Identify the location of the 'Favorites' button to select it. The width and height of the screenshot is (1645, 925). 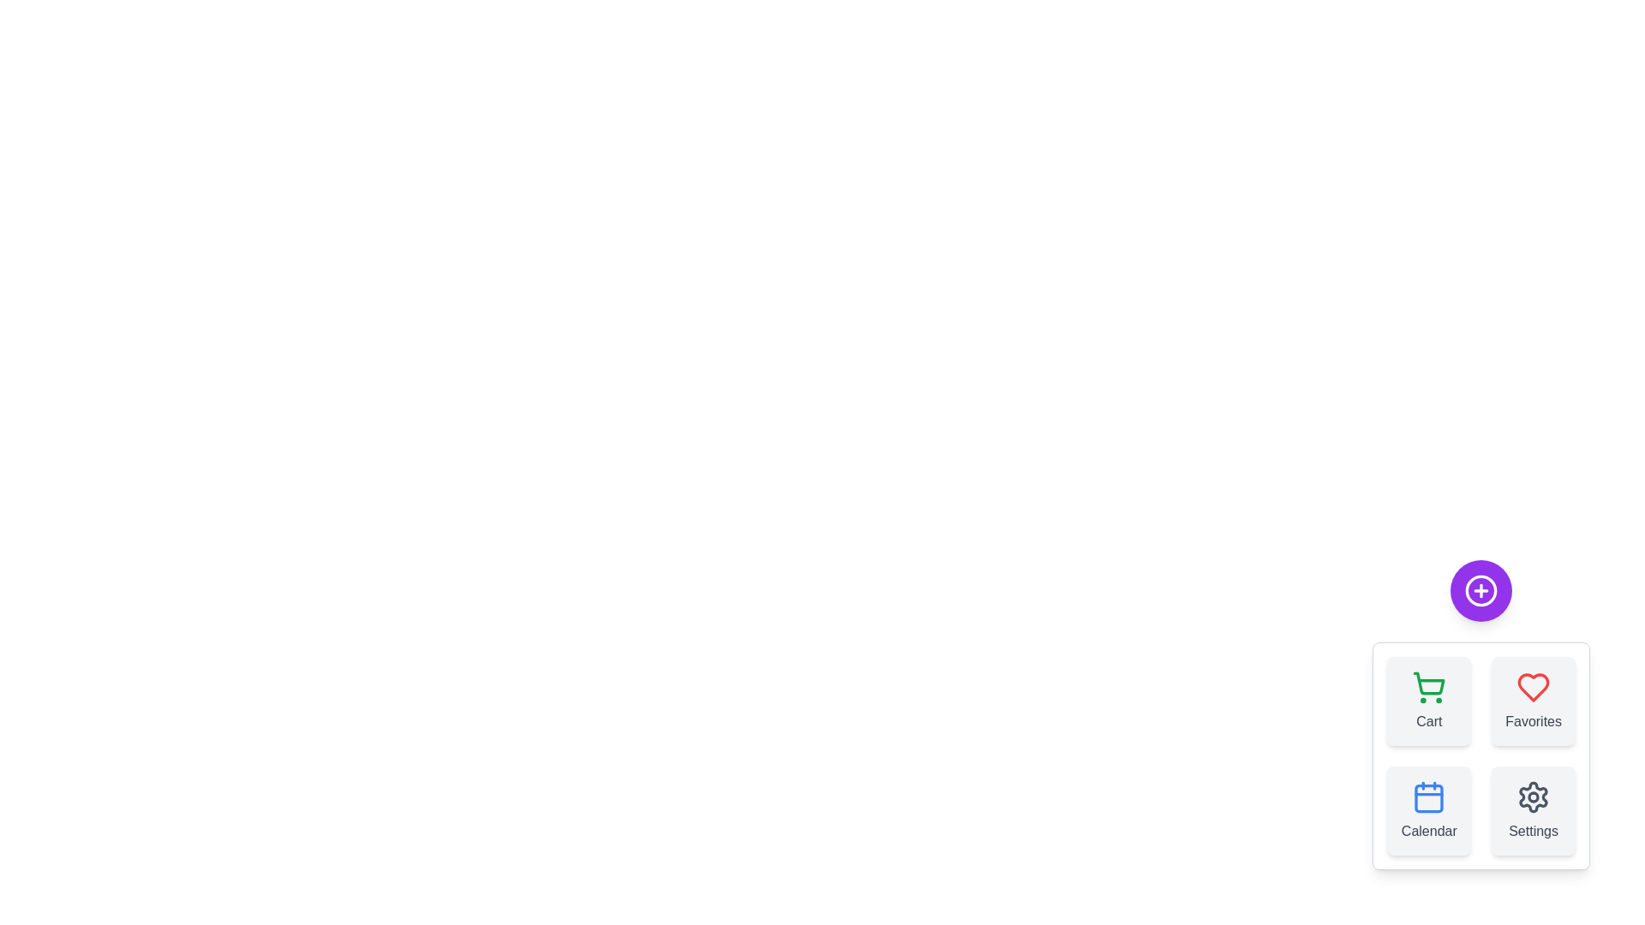
(1534, 701).